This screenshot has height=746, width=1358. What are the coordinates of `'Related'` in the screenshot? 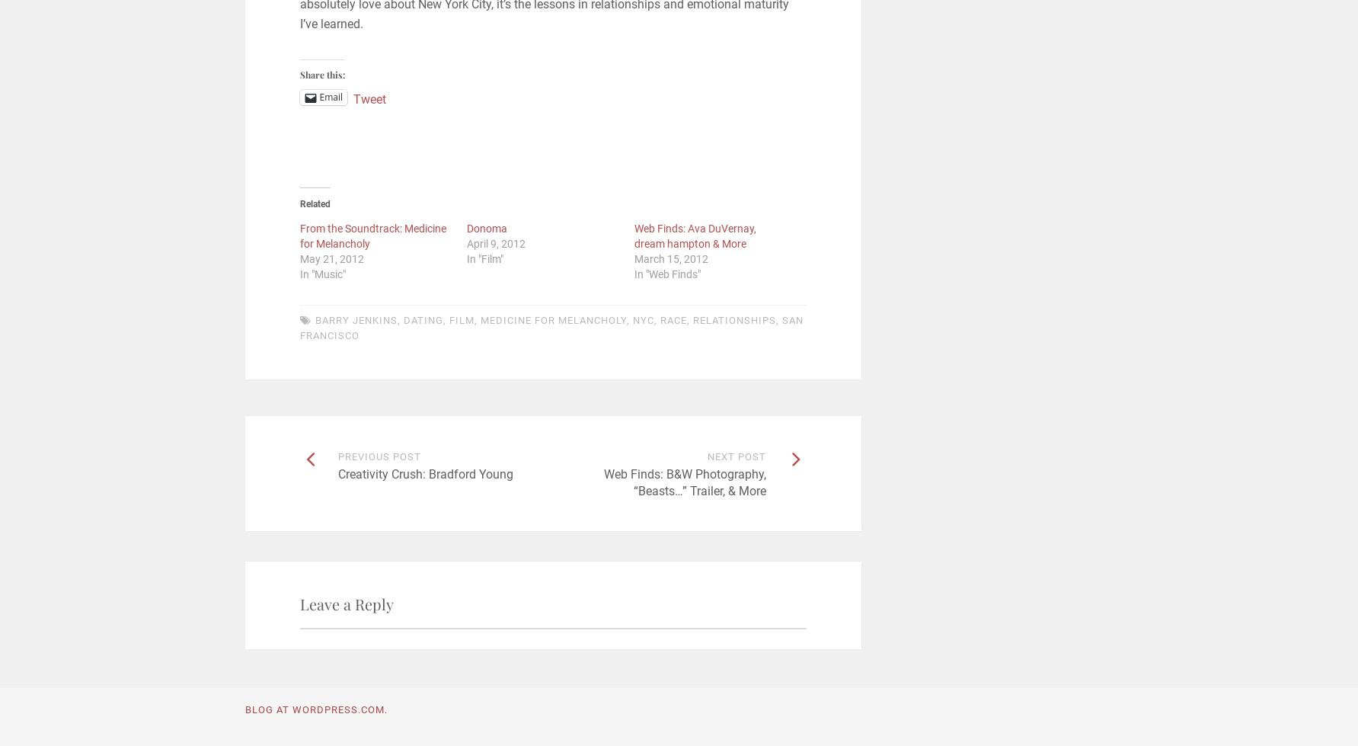 It's located at (314, 203).